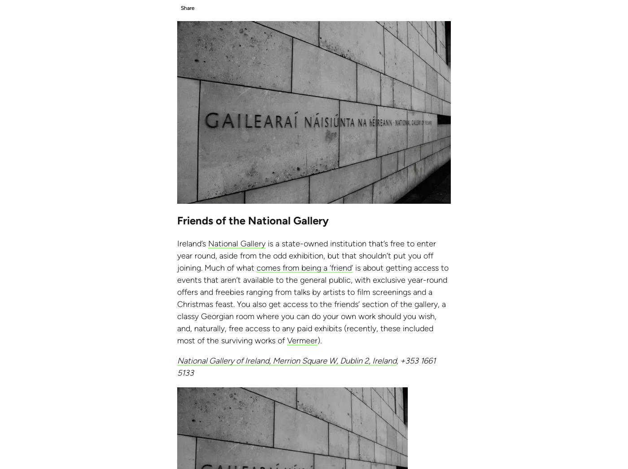 This screenshot has height=469, width=628. What do you see at coordinates (40, 3) in the screenshot?
I see `'Portugal'` at bounding box center [40, 3].